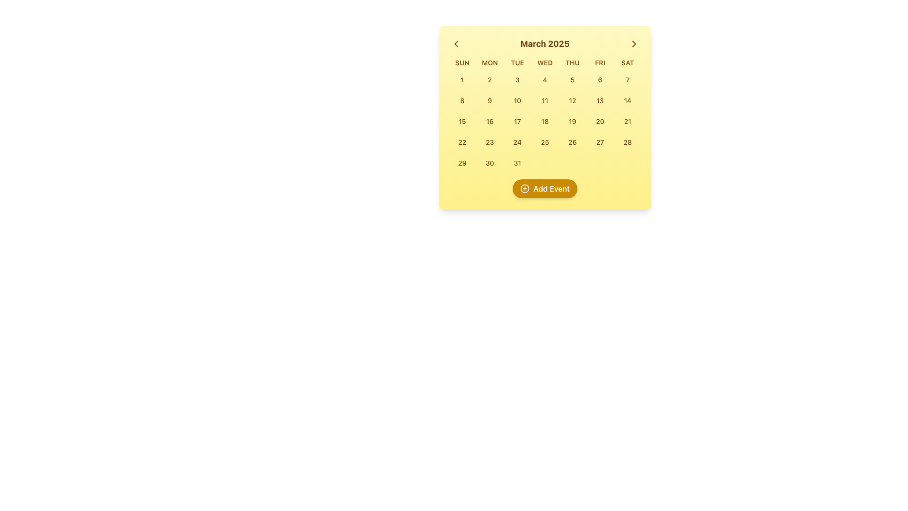 The image size is (908, 511). What do you see at coordinates (489, 121) in the screenshot?
I see `the text label displaying the number '16' in bold, dark yellow font, which is part of the calendar grid for Tuesday, the sixteenth of the month` at bounding box center [489, 121].